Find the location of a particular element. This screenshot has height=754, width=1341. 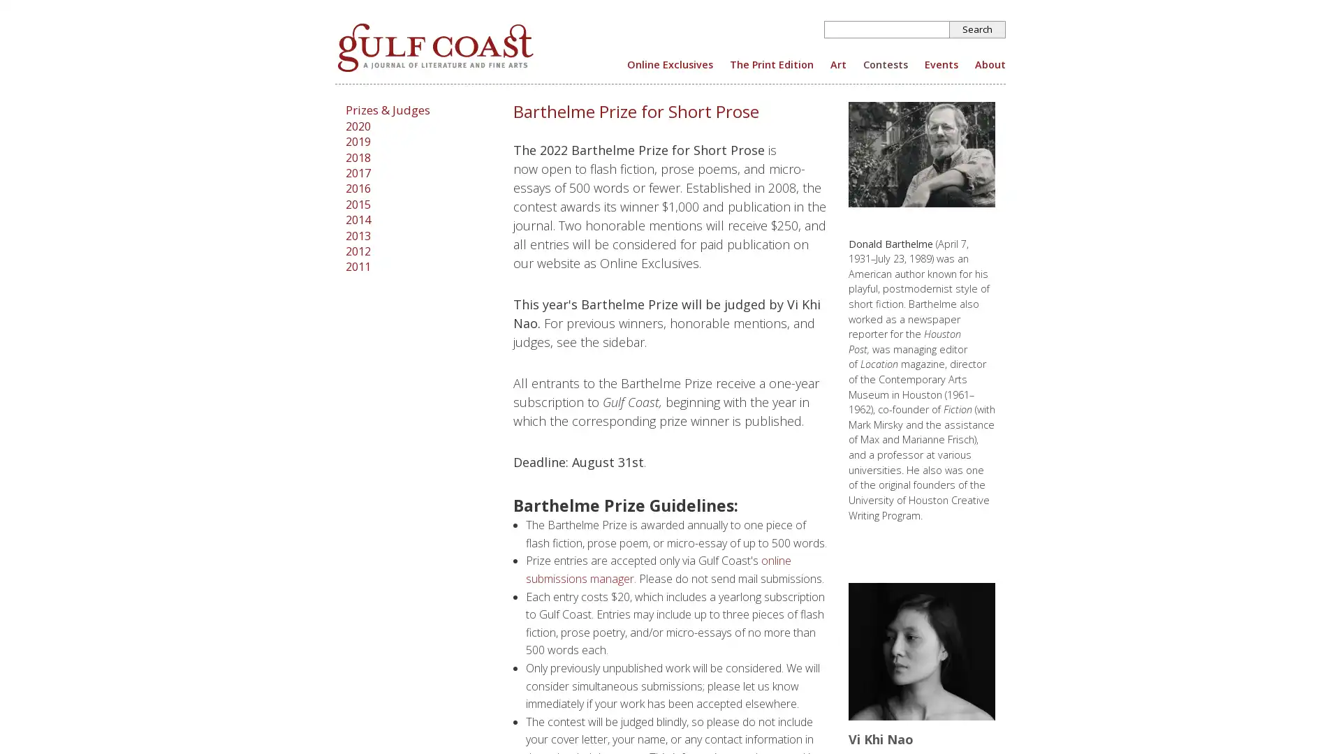

Search is located at coordinates (977, 29).